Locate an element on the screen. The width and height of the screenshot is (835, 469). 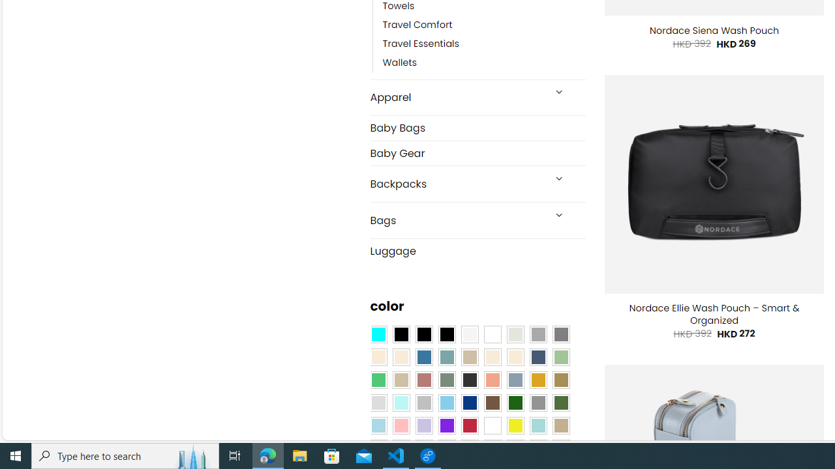
'Aqua Blue' is located at coordinates (377, 334).